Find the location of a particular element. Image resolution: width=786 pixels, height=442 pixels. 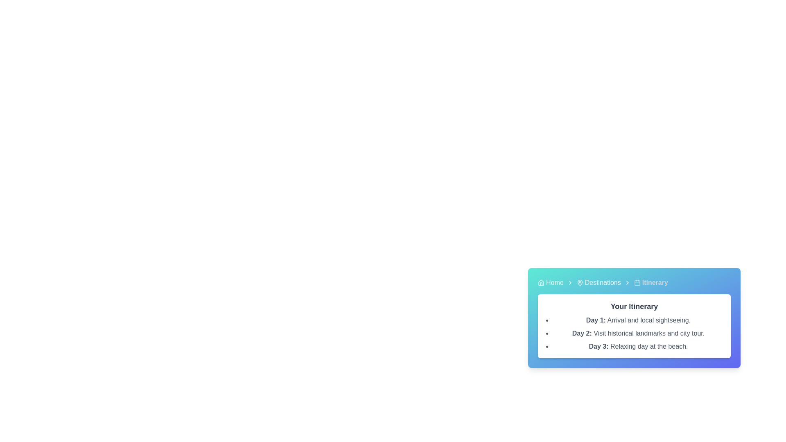

the 'Destinations' text link is located at coordinates (603, 282).